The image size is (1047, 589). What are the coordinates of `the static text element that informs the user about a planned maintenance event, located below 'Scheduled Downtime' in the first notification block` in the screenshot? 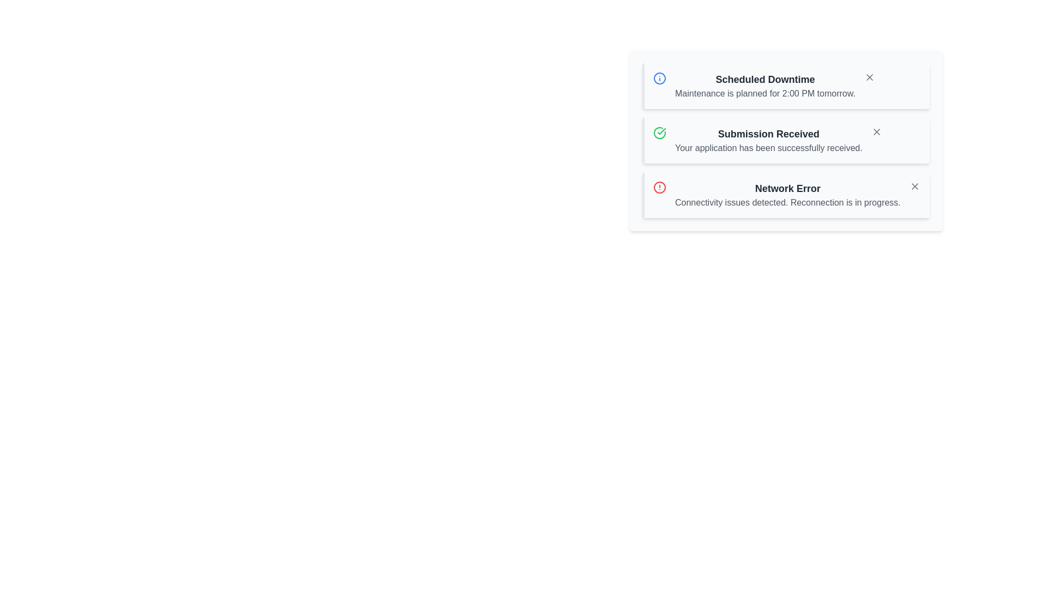 It's located at (765, 93).